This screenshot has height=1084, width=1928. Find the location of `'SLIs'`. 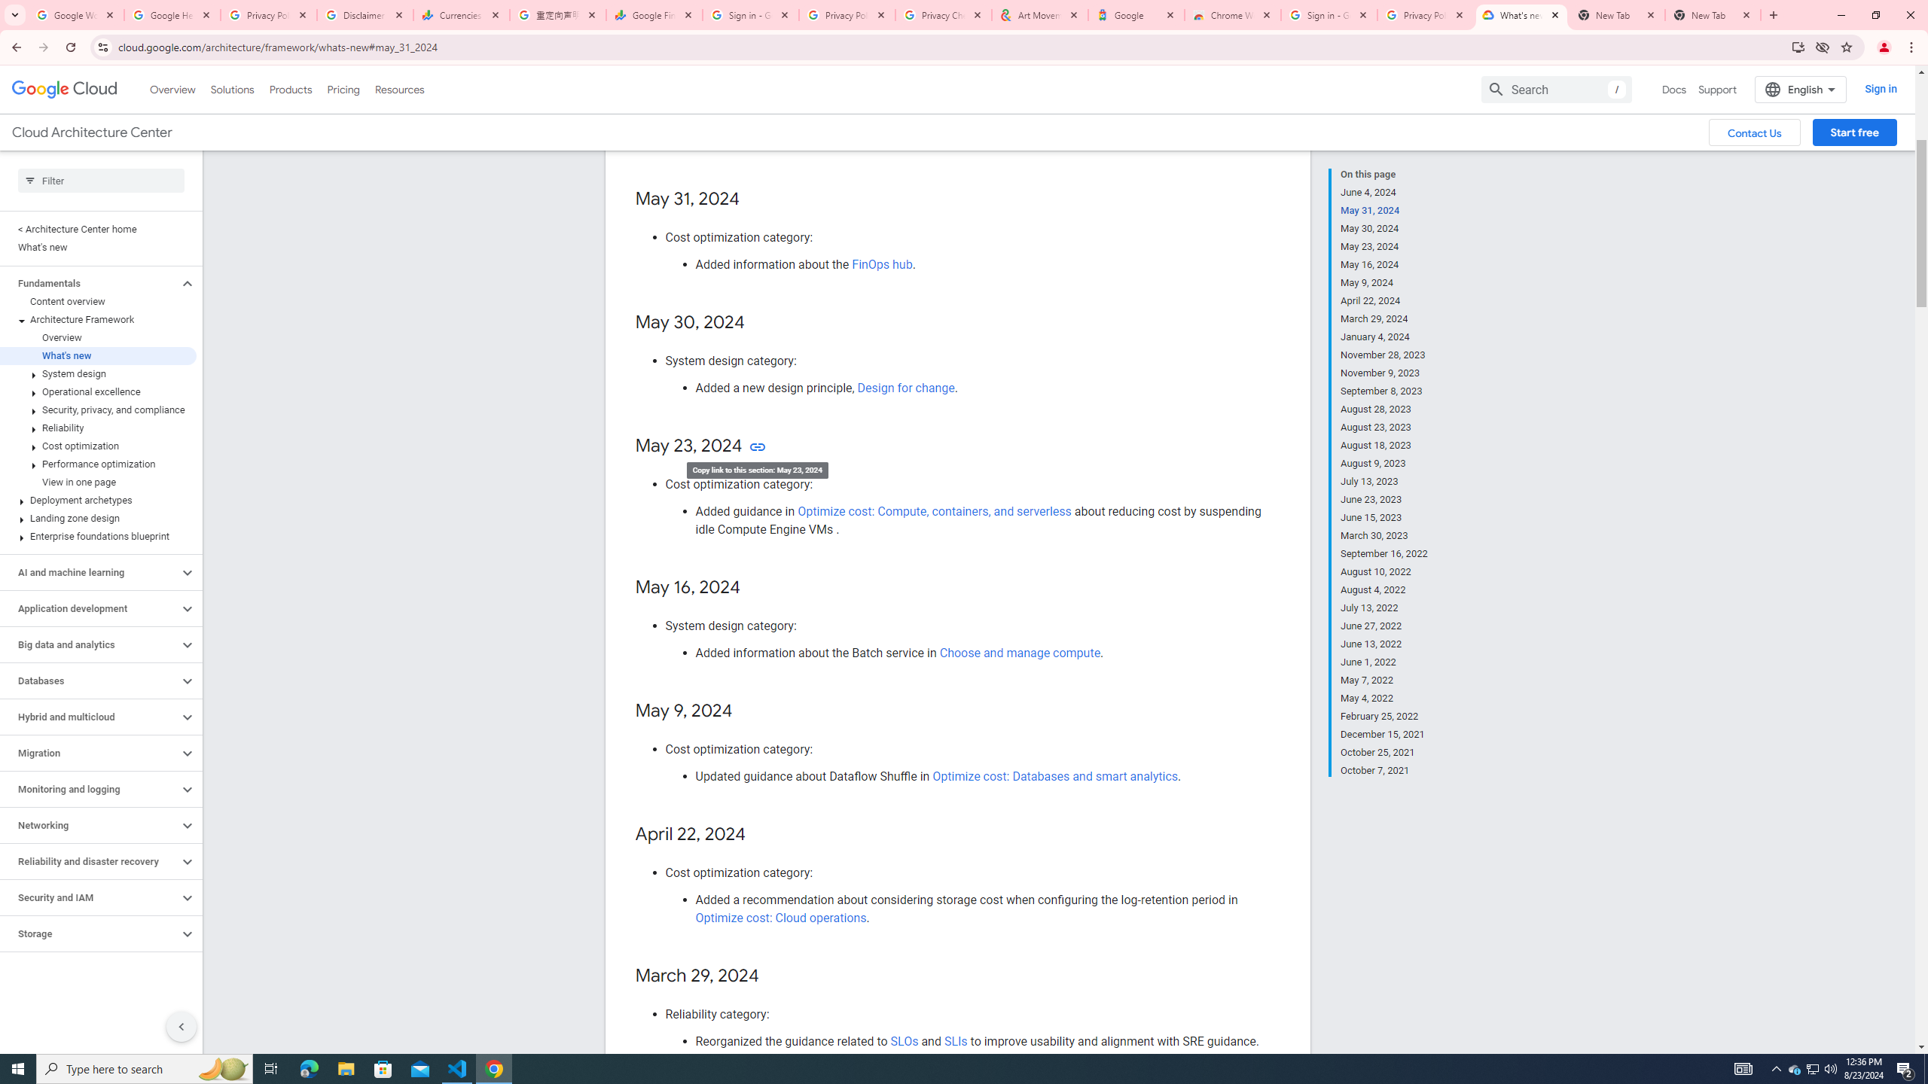

'SLIs' is located at coordinates (954, 1040).